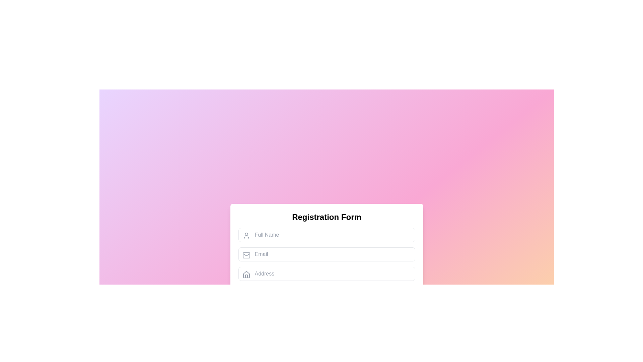 The width and height of the screenshot is (643, 362). Describe the element at coordinates (327, 254) in the screenshot. I see `the email input field located in the second row of the form, which is directly below the 'Full Name' input field and above the 'Address' input field` at that location.